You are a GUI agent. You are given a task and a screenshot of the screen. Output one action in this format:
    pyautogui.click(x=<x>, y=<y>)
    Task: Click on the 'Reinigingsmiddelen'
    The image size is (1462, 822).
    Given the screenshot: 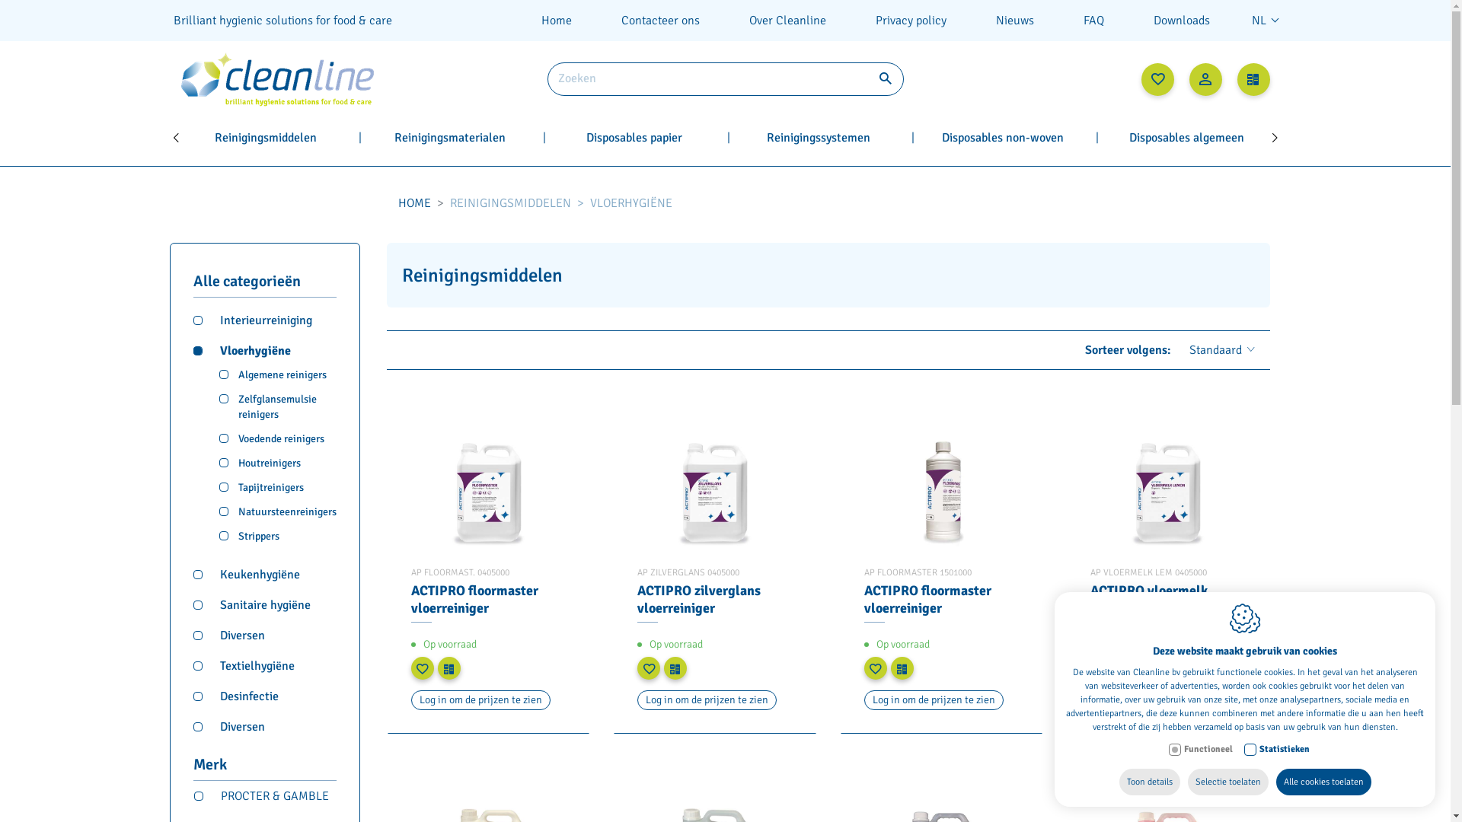 What is the action you would take?
    pyautogui.click(x=214, y=138)
    